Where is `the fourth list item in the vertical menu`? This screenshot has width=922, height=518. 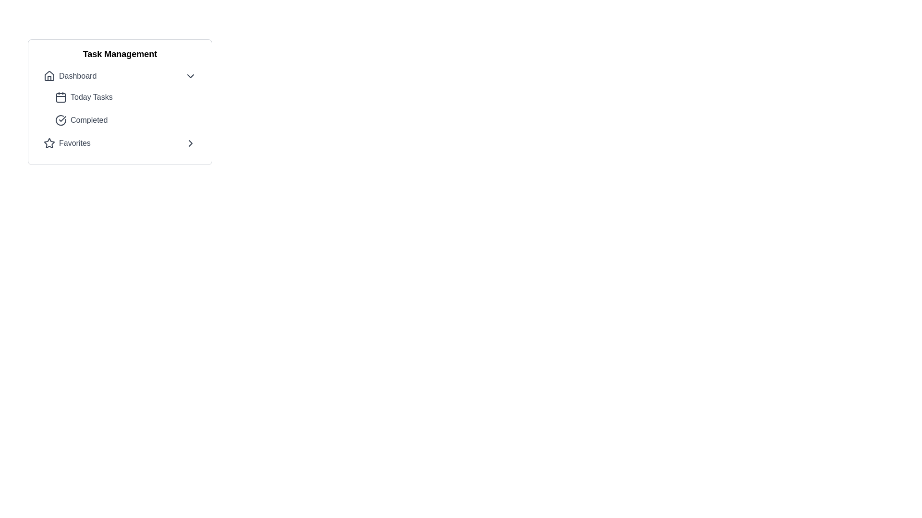
the fourth list item in the vertical menu is located at coordinates (119, 143).